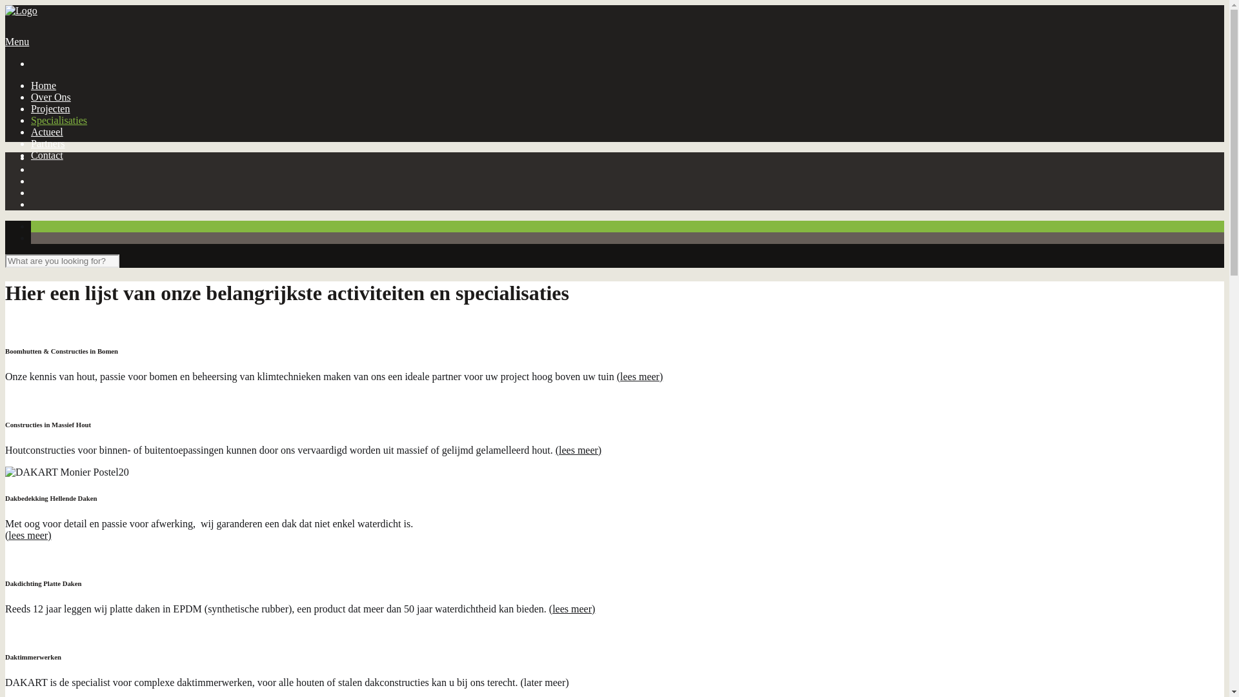 The height and width of the screenshot is (697, 1239). What do you see at coordinates (46, 154) in the screenshot?
I see `'Contact'` at bounding box center [46, 154].